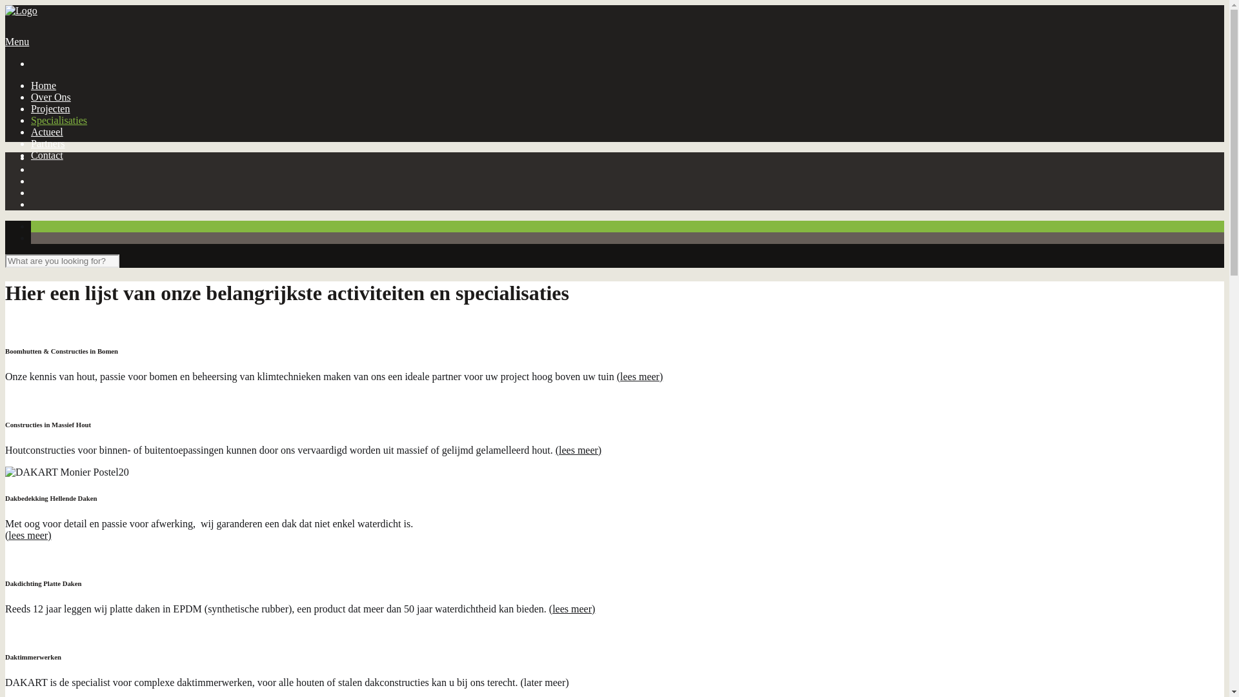 The height and width of the screenshot is (697, 1239). What do you see at coordinates (46, 154) in the screenshot?
I see `'Contact'` at bounding box center [46, 154].